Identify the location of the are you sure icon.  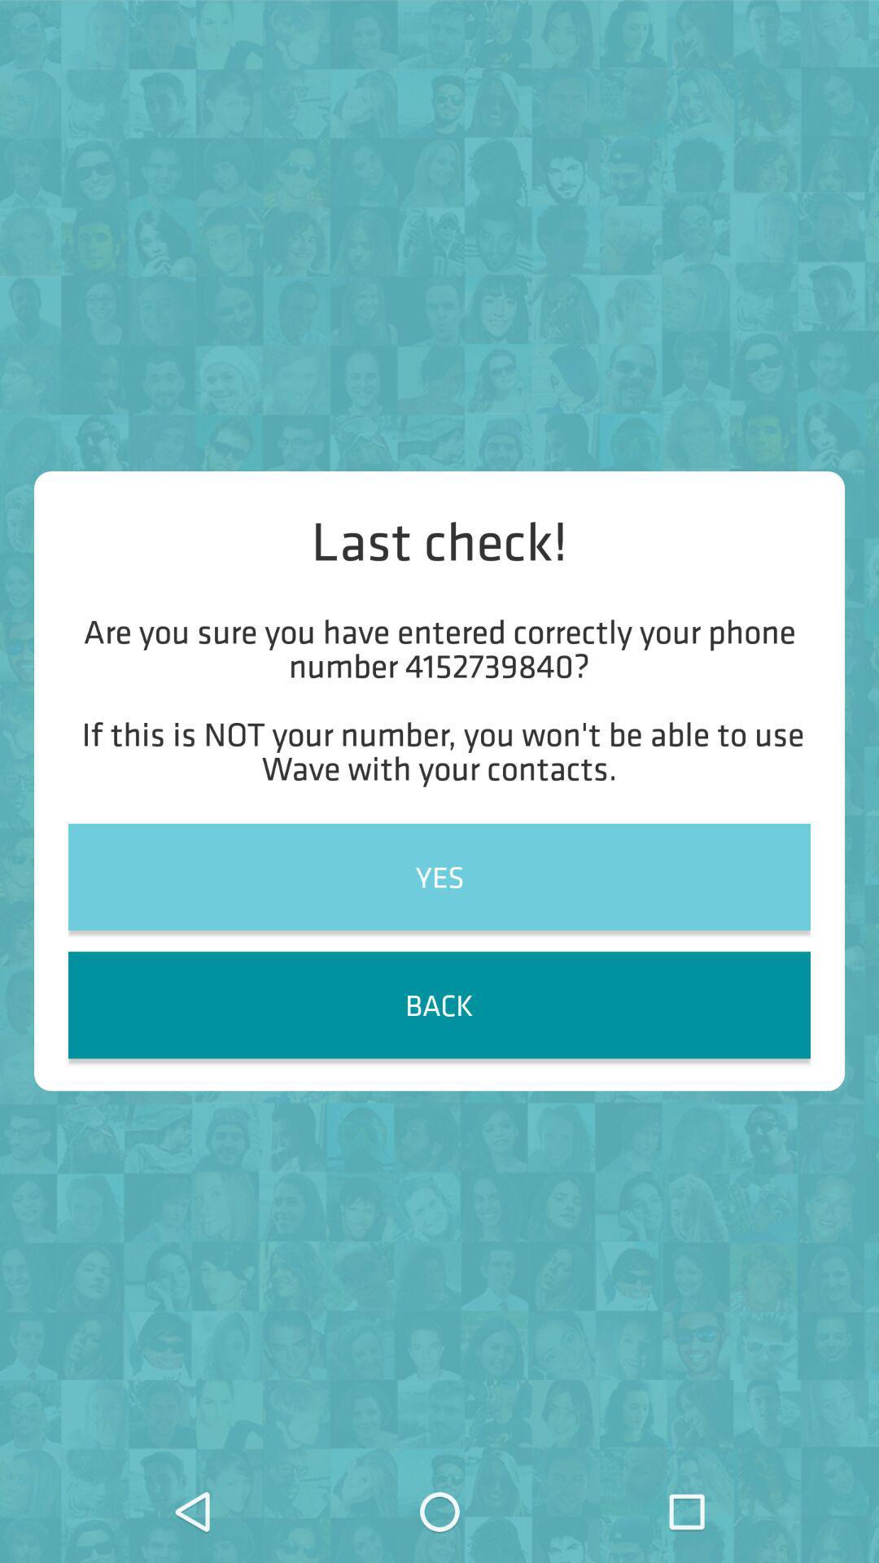
(439, 699).